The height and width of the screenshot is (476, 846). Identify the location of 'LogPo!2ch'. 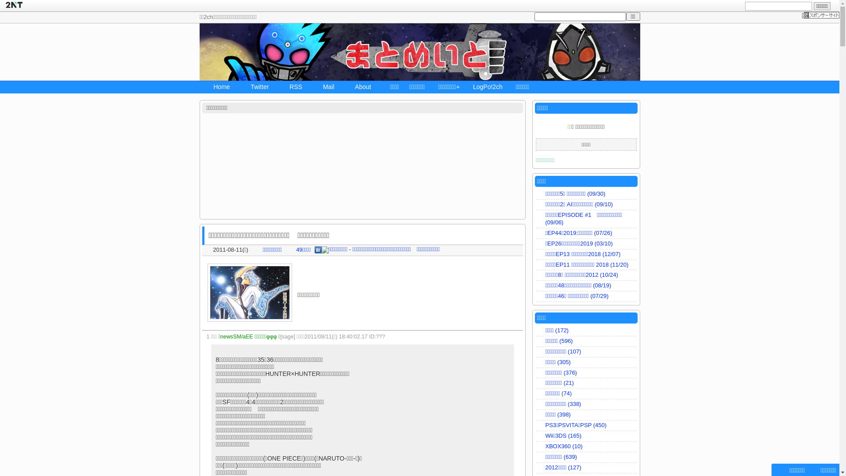
(487, 88).